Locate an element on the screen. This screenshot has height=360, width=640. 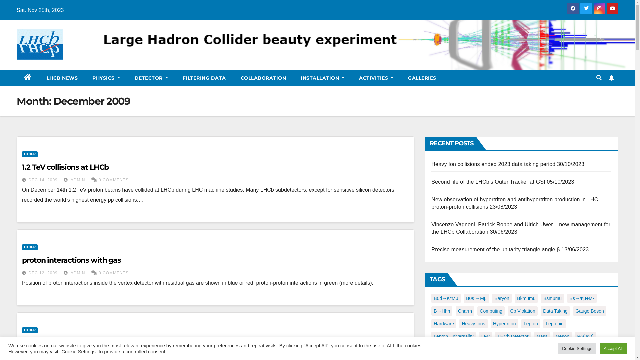
'PHYSICS' is located at coordinates (106, 78).